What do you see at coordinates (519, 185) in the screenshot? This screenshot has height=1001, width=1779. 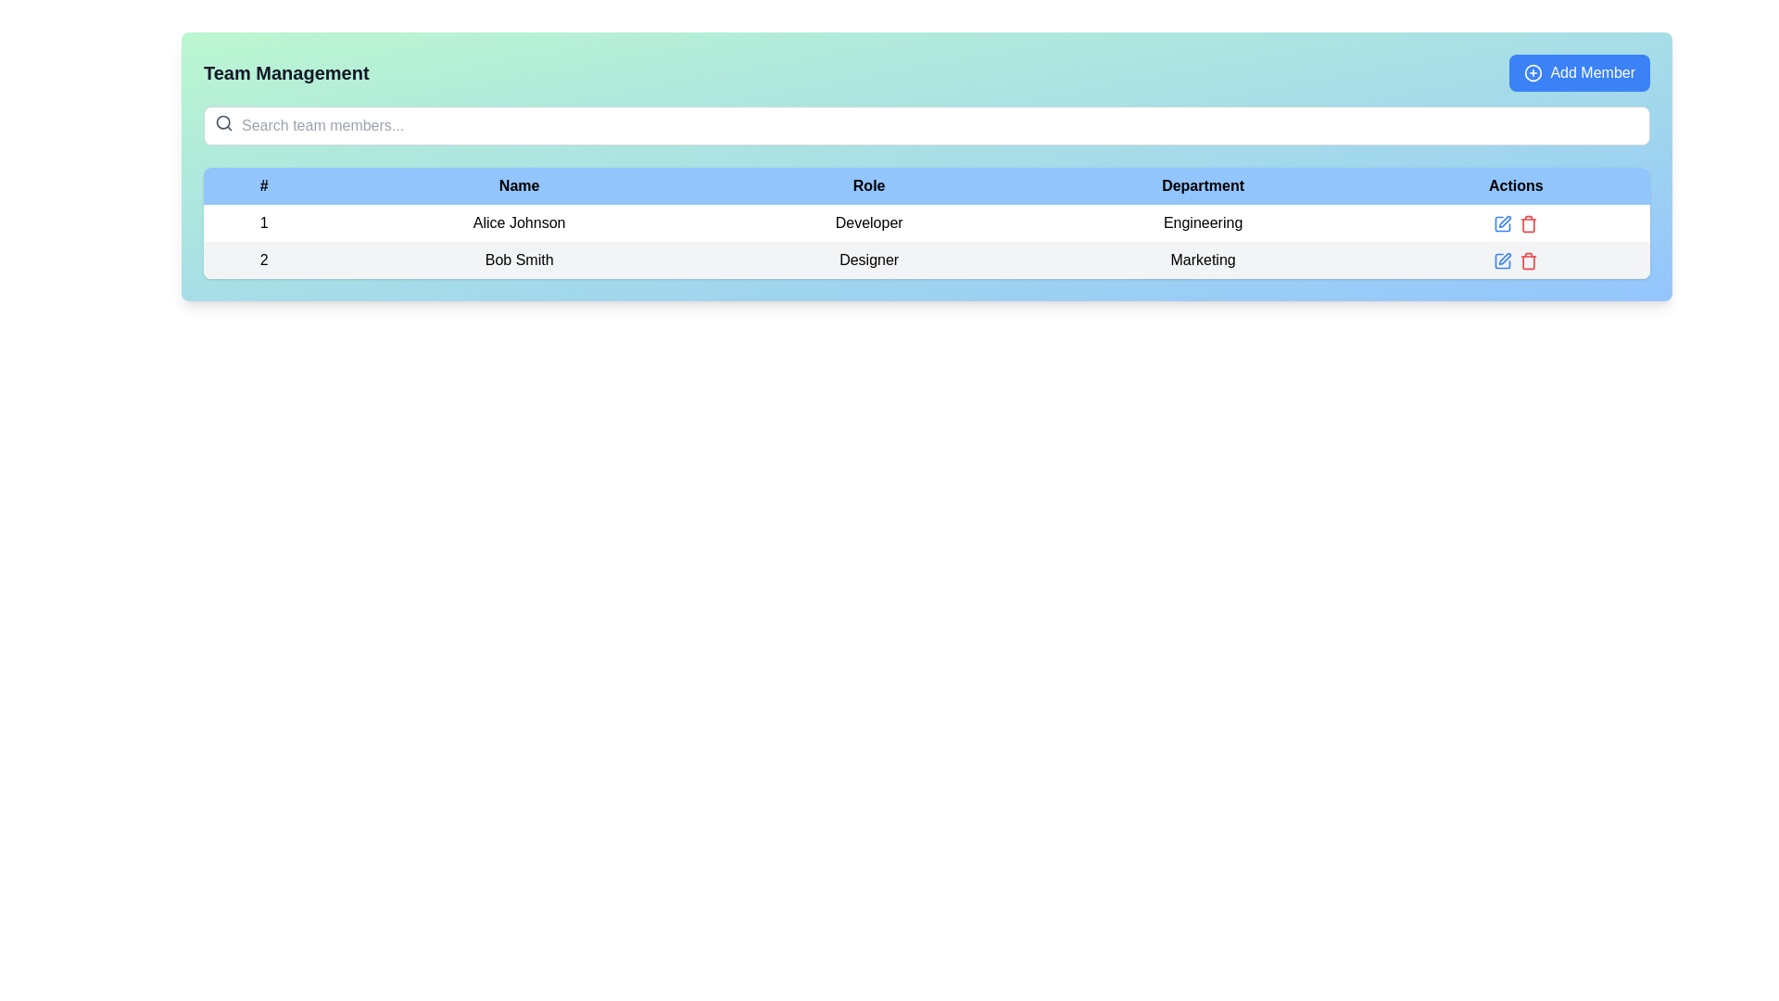 I see `the 'Name' text label, which is a bold black font on a light blue background, centrally located in the header bar between the '#' and 'Role' labels` at bounding box center [519, 185].